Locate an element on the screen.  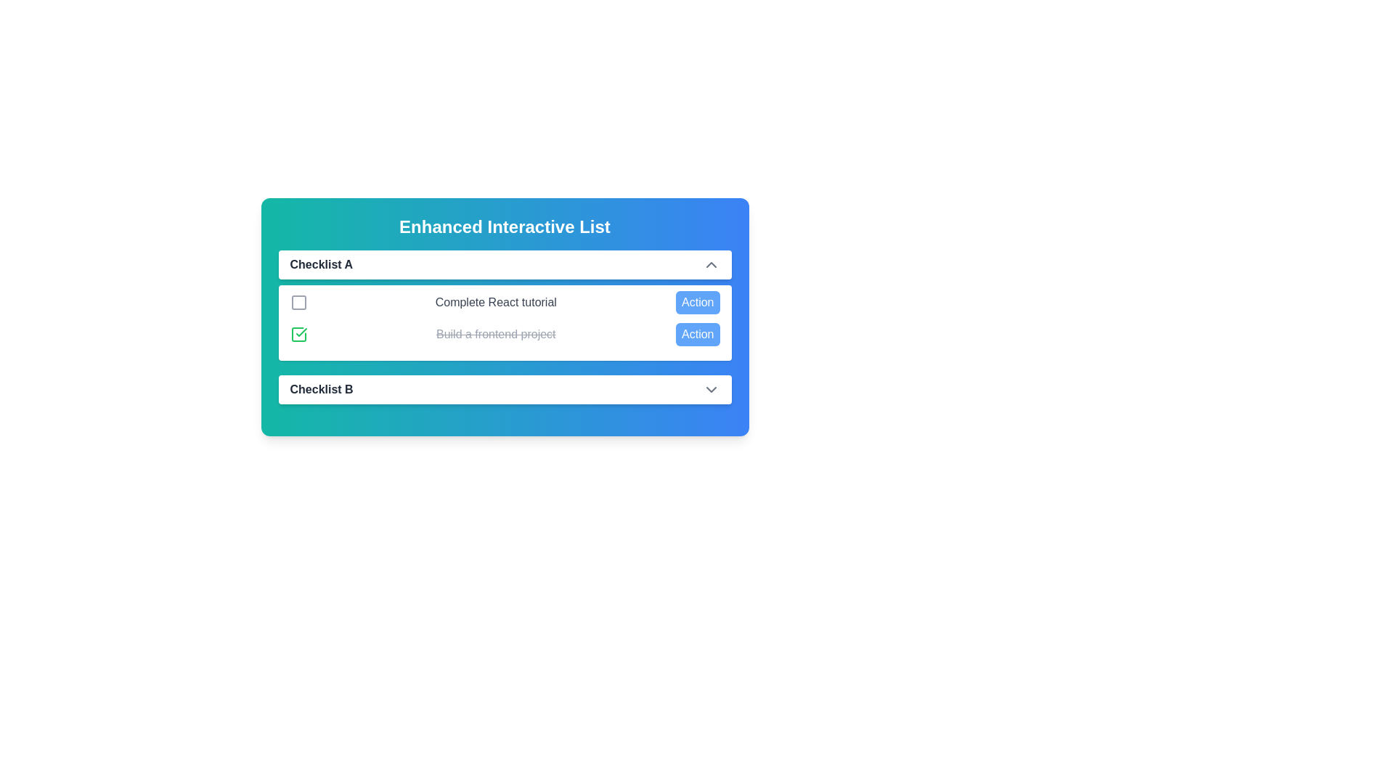
the chevron-up icon located on the rightmost section of the header bar for 'Checklist A' is located at coordinates (711, 265).